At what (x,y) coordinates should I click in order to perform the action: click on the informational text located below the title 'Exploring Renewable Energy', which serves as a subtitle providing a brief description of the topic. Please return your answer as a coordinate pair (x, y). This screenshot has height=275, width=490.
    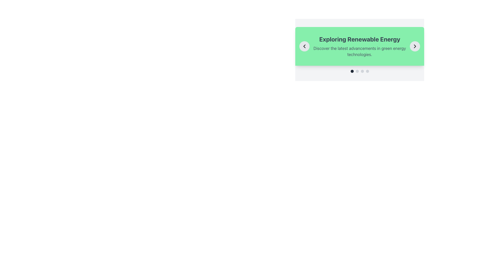
    Looking at the image, I should click on (359, 51).